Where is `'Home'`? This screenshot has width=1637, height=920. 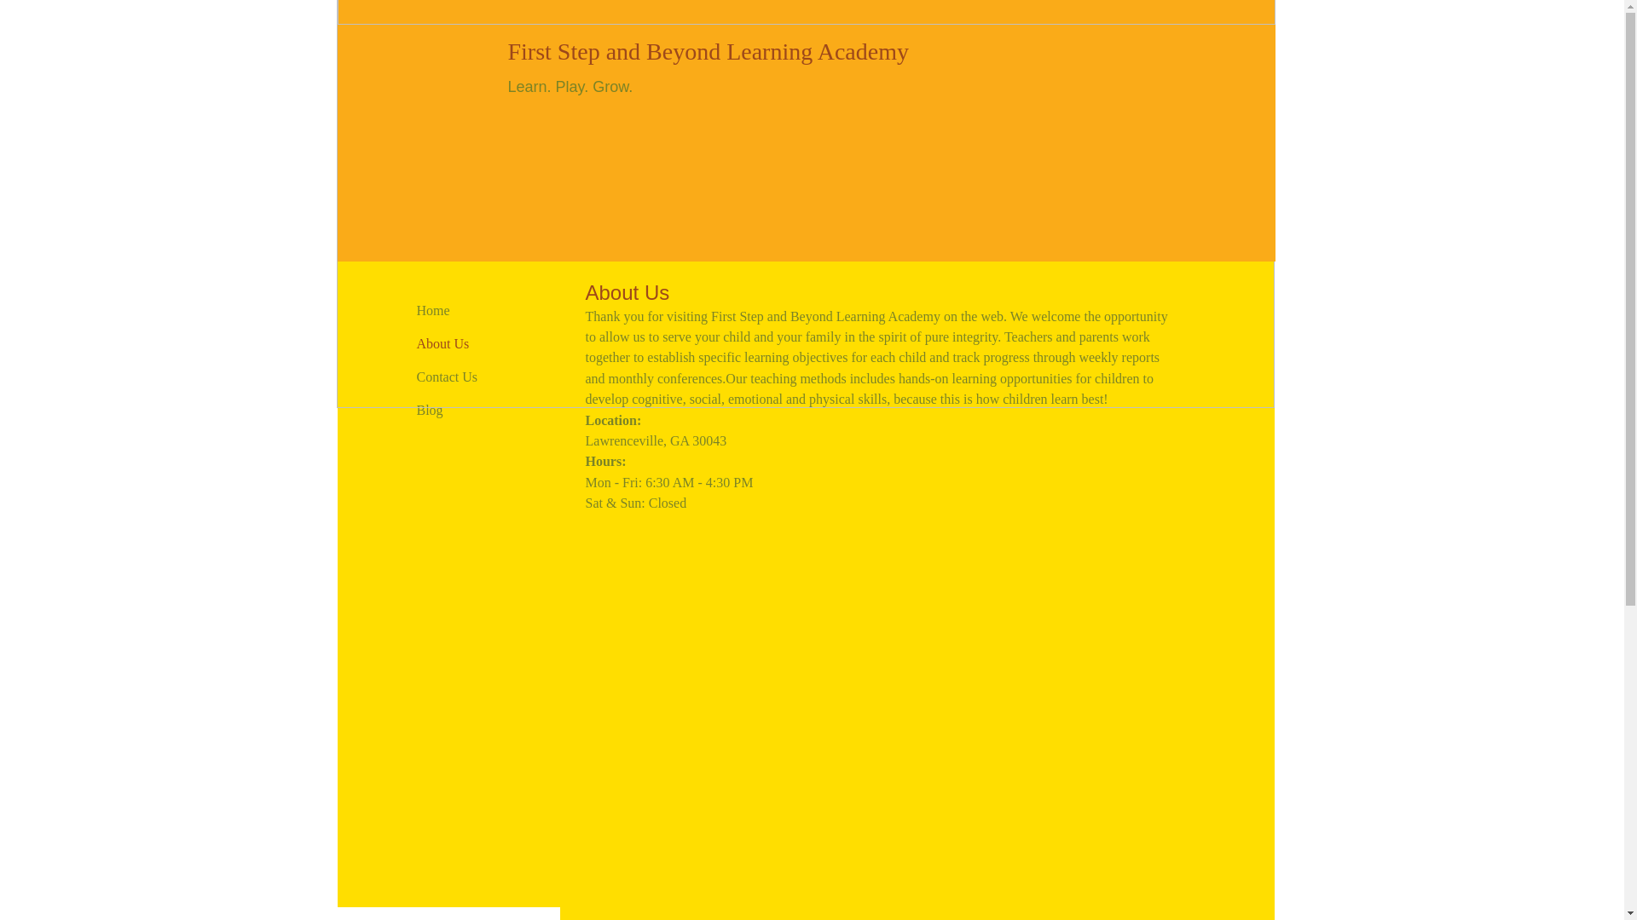
'Home' is located at coordinates (432, 311).